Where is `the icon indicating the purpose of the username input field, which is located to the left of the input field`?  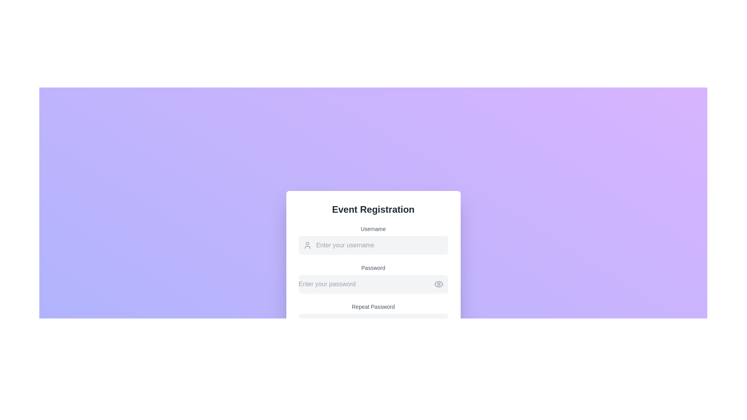
the icon indicating the purpose of the username input field, which is located to the left of the input field is located at coordinates (307, 245).